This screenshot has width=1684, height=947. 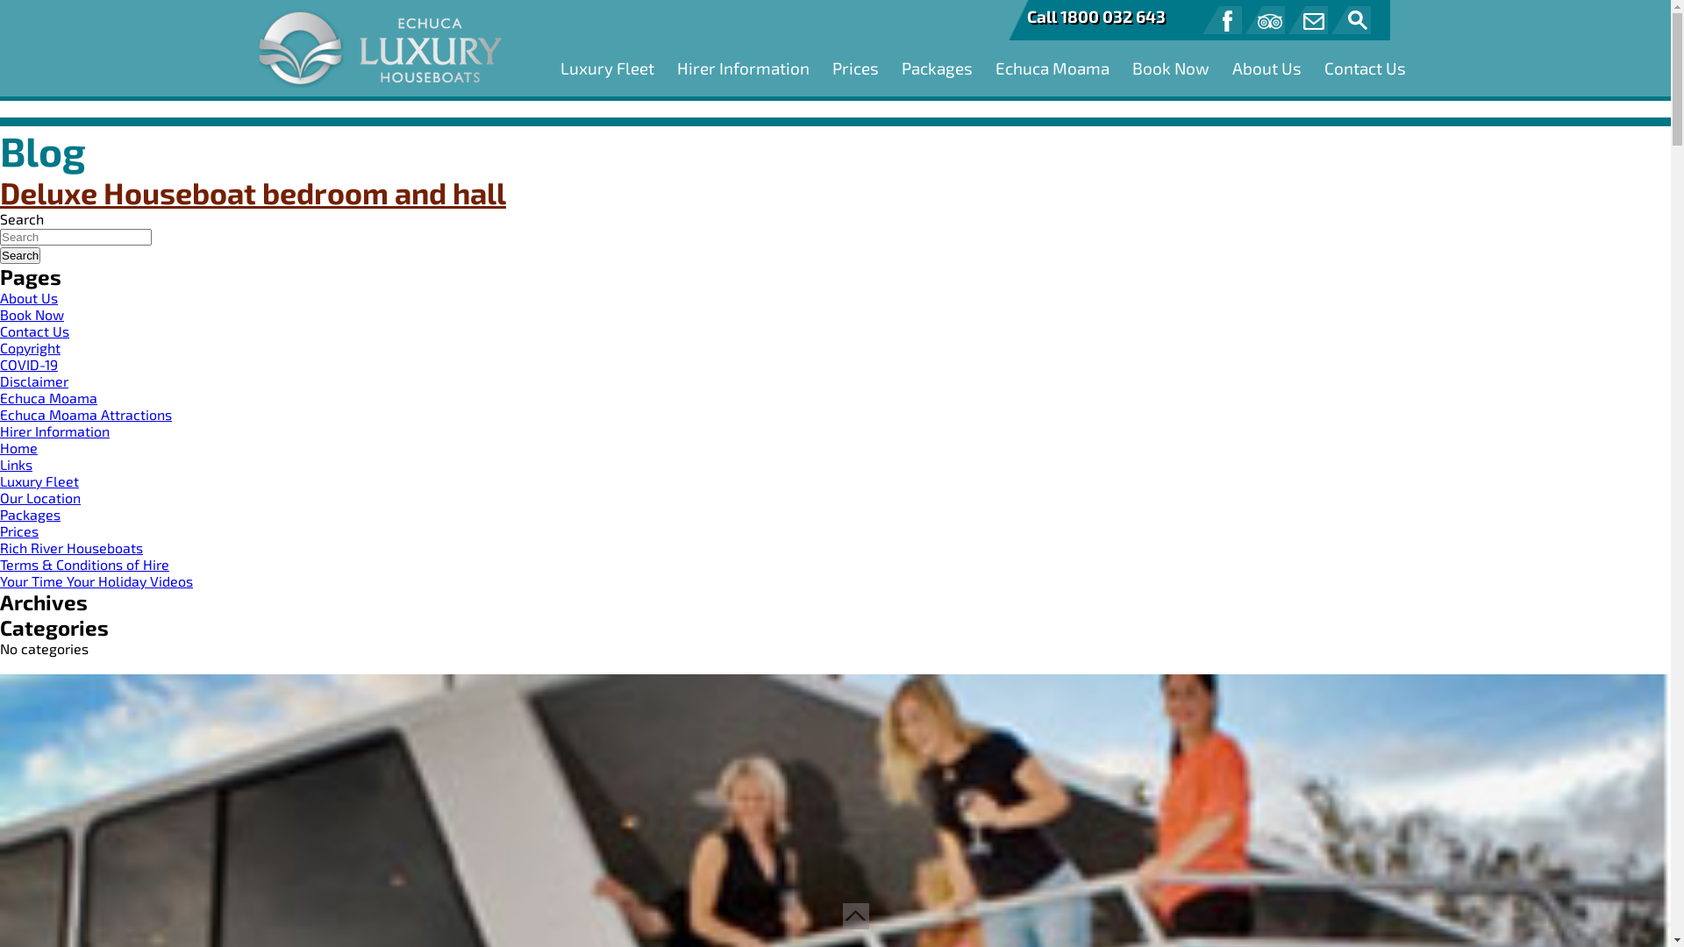 What do you see at coordinates (0, 463) in the screenshot?
I see `'Links'` at bounding box center [0, 463].